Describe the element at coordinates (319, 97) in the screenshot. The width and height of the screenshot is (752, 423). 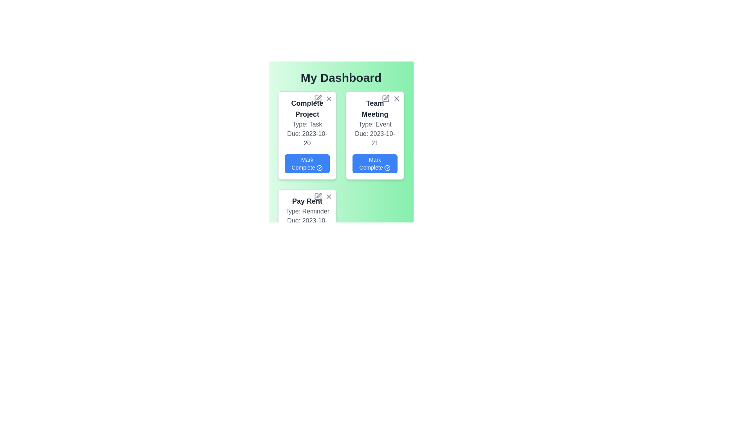
I see `the icon button resembling a pen located in the top-right corner of the 'Complete Project' card, adjacent to the 'x' close icon` at that location.